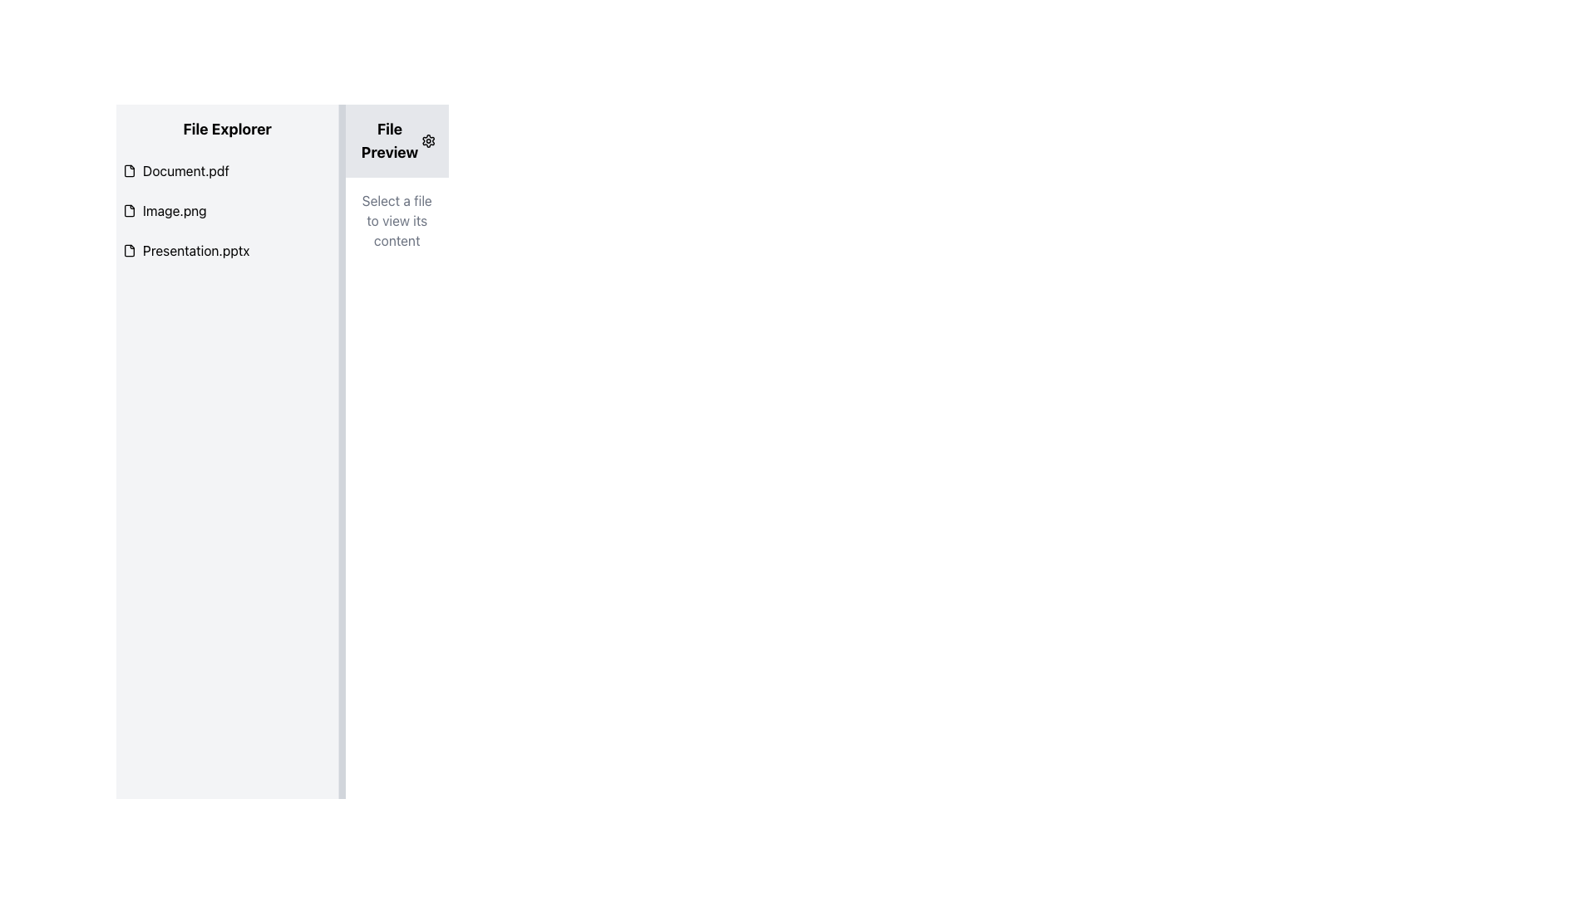 The width and height of the screenshot is (1596, 897). What do you see at coordinates (226, 170) in the screenshot?
I see `on the first list item in the 'File Explorer' panel labeled 'Document.pdf'` at bounding box center [226, 170].